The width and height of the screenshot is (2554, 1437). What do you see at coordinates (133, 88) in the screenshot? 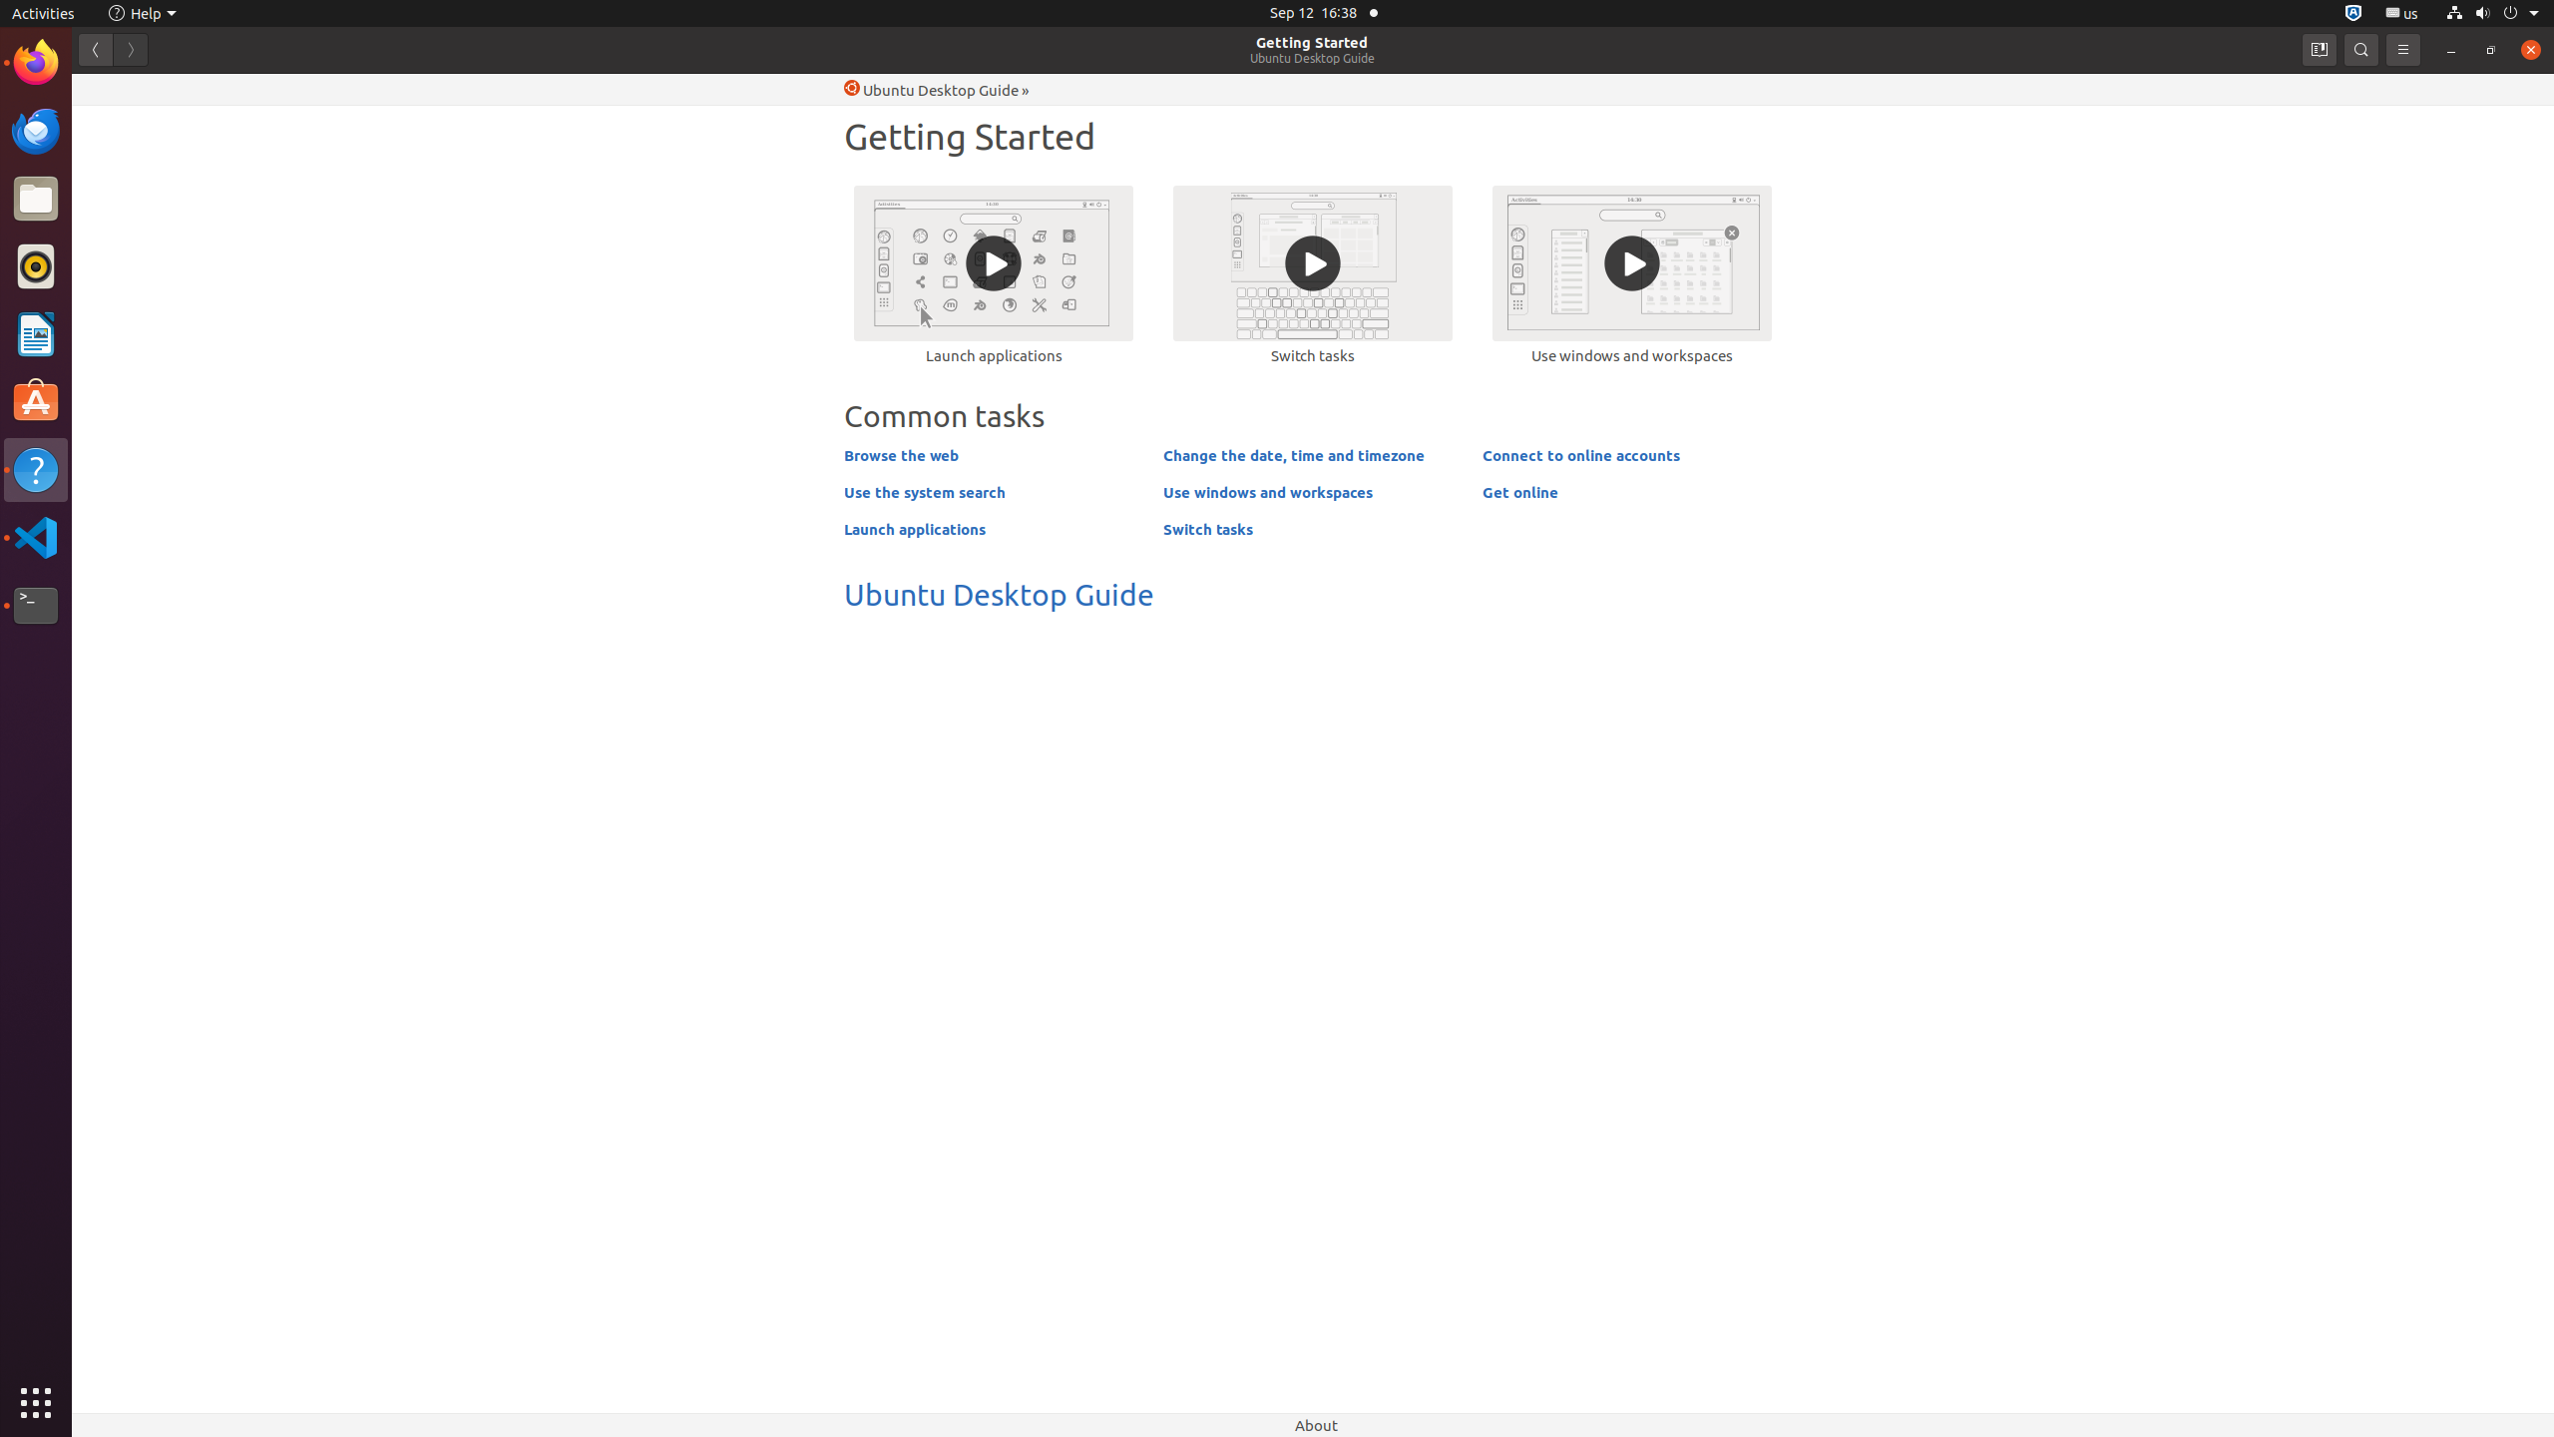
I see `'luyi1'` at bounding box center [133, 88].